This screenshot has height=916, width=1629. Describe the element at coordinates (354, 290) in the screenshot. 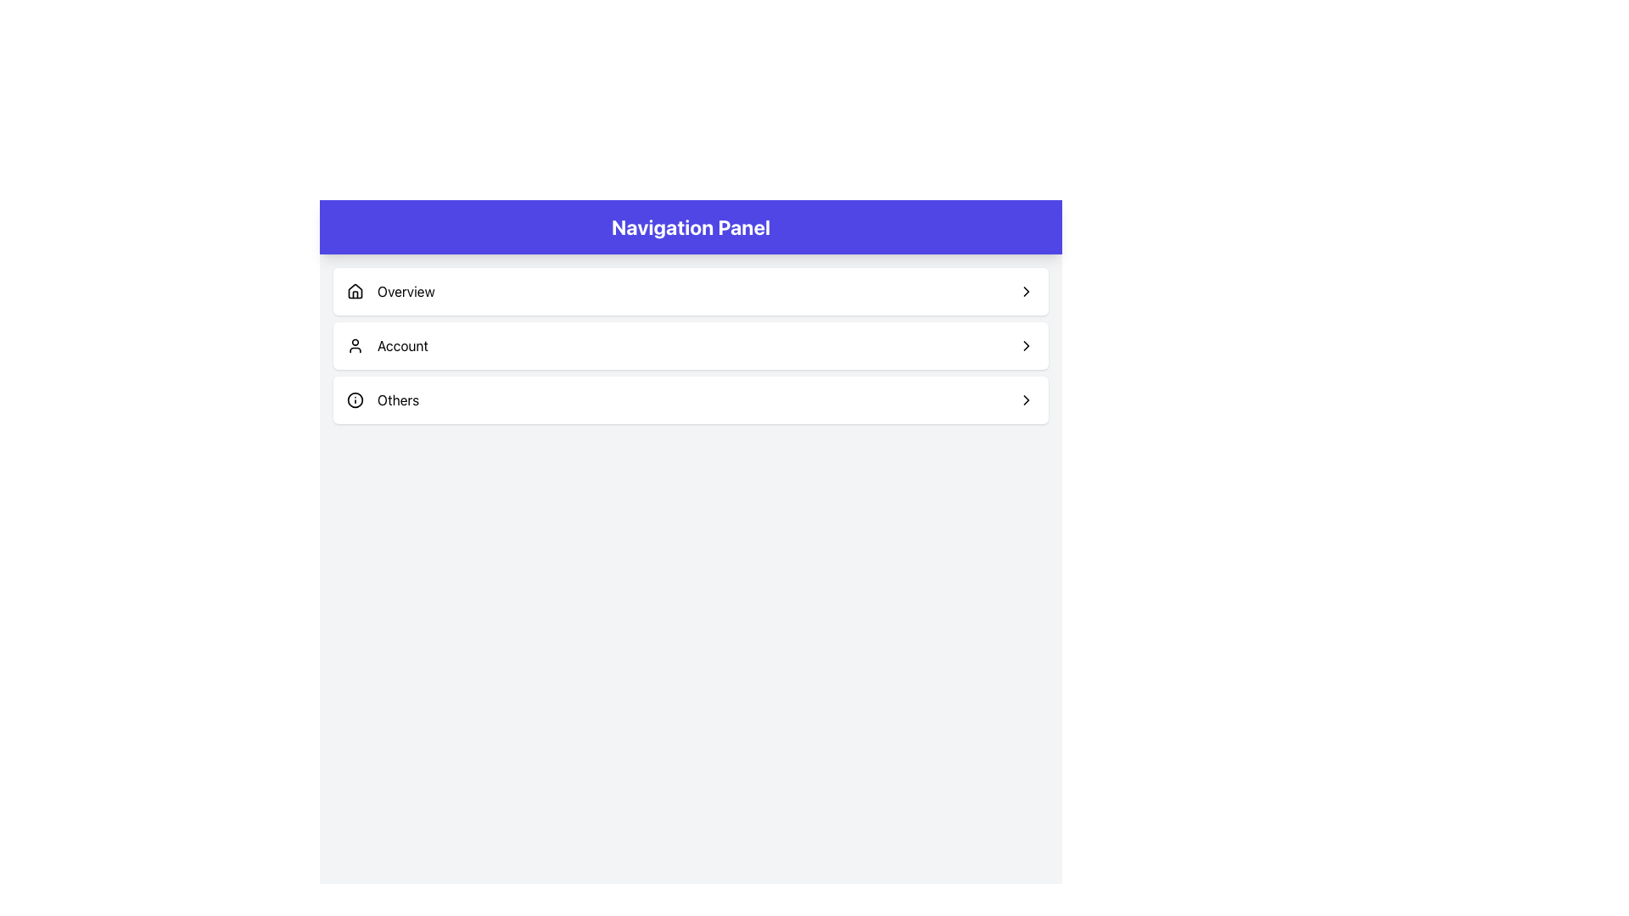

I see `the house icon located at the left of the 'Overview' list item in the navigation panel` at that location.